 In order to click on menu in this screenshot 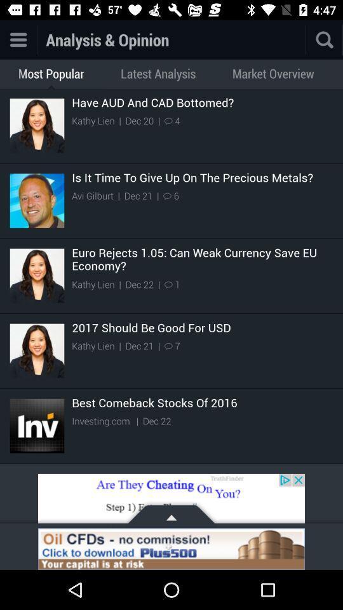, I will do `click(17, 39)`.